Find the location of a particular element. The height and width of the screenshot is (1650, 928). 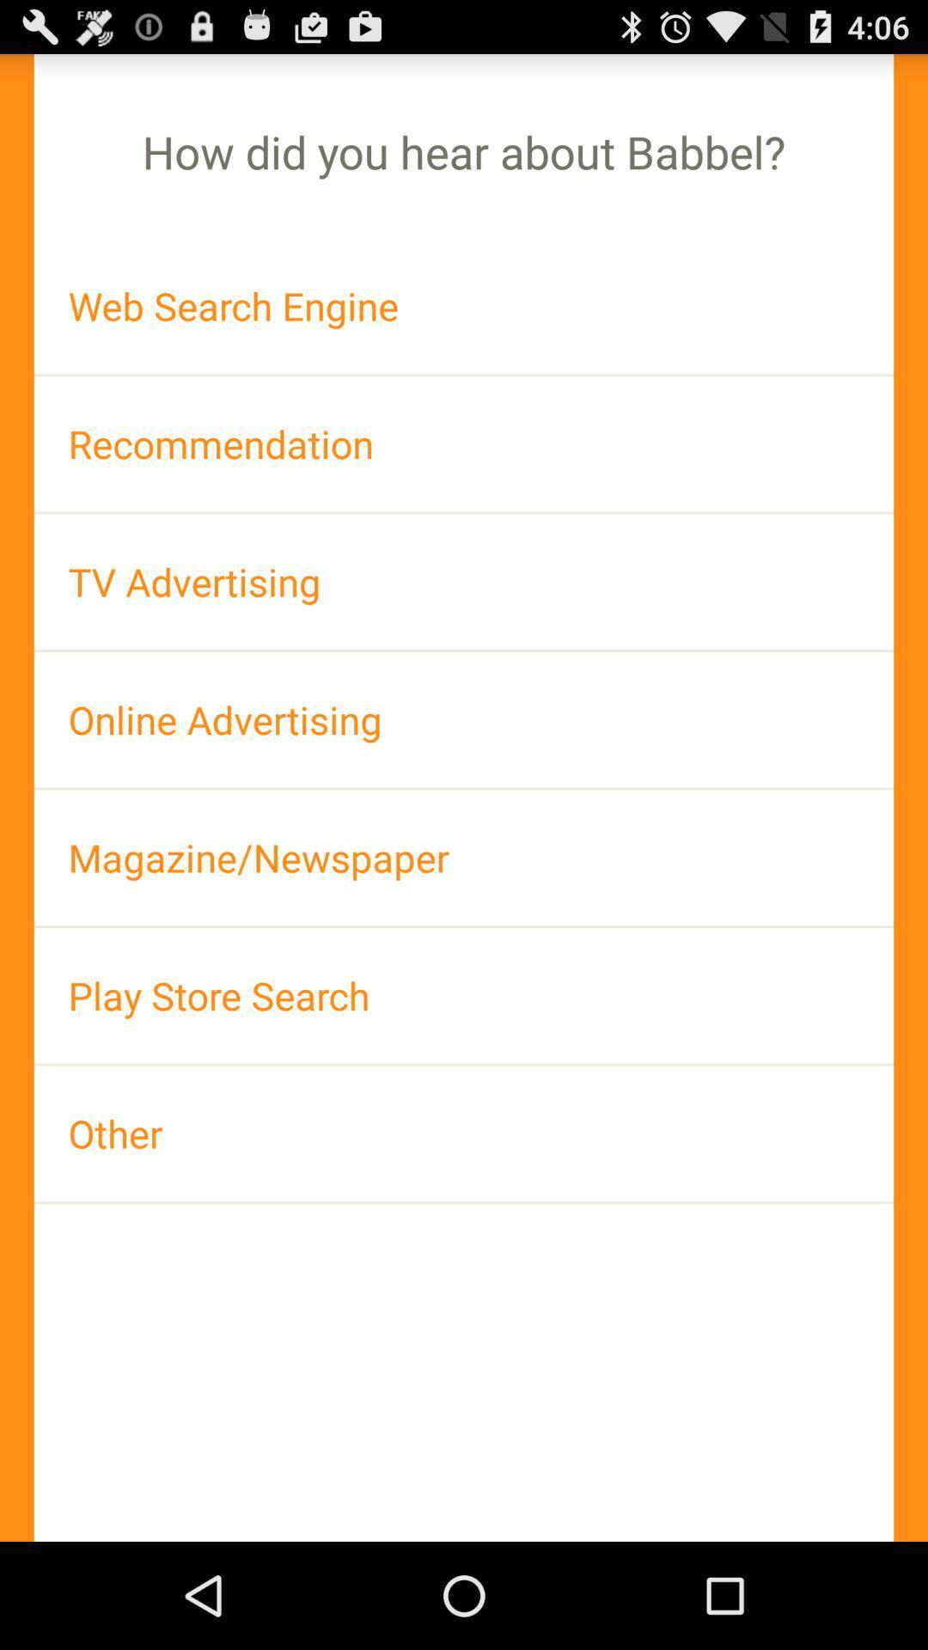

magazine/newspaper item is located at coordinates (464, 858).